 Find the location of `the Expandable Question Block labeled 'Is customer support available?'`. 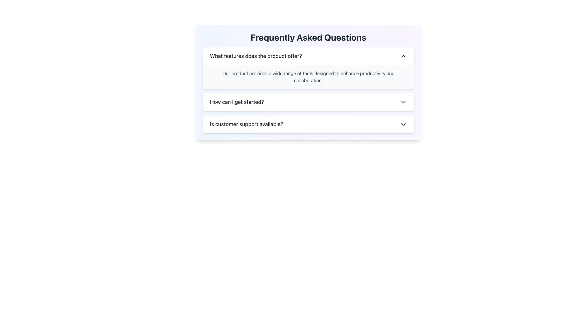

the Expandable Question Block labeled 'Is customer support available?' is located at coordinates (308, 124).